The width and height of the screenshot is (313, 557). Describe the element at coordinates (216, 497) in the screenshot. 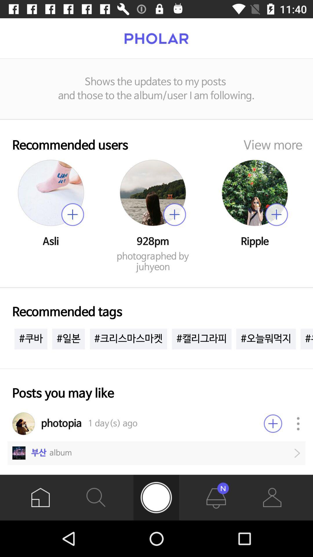

I see `the notifications icon` at that location.